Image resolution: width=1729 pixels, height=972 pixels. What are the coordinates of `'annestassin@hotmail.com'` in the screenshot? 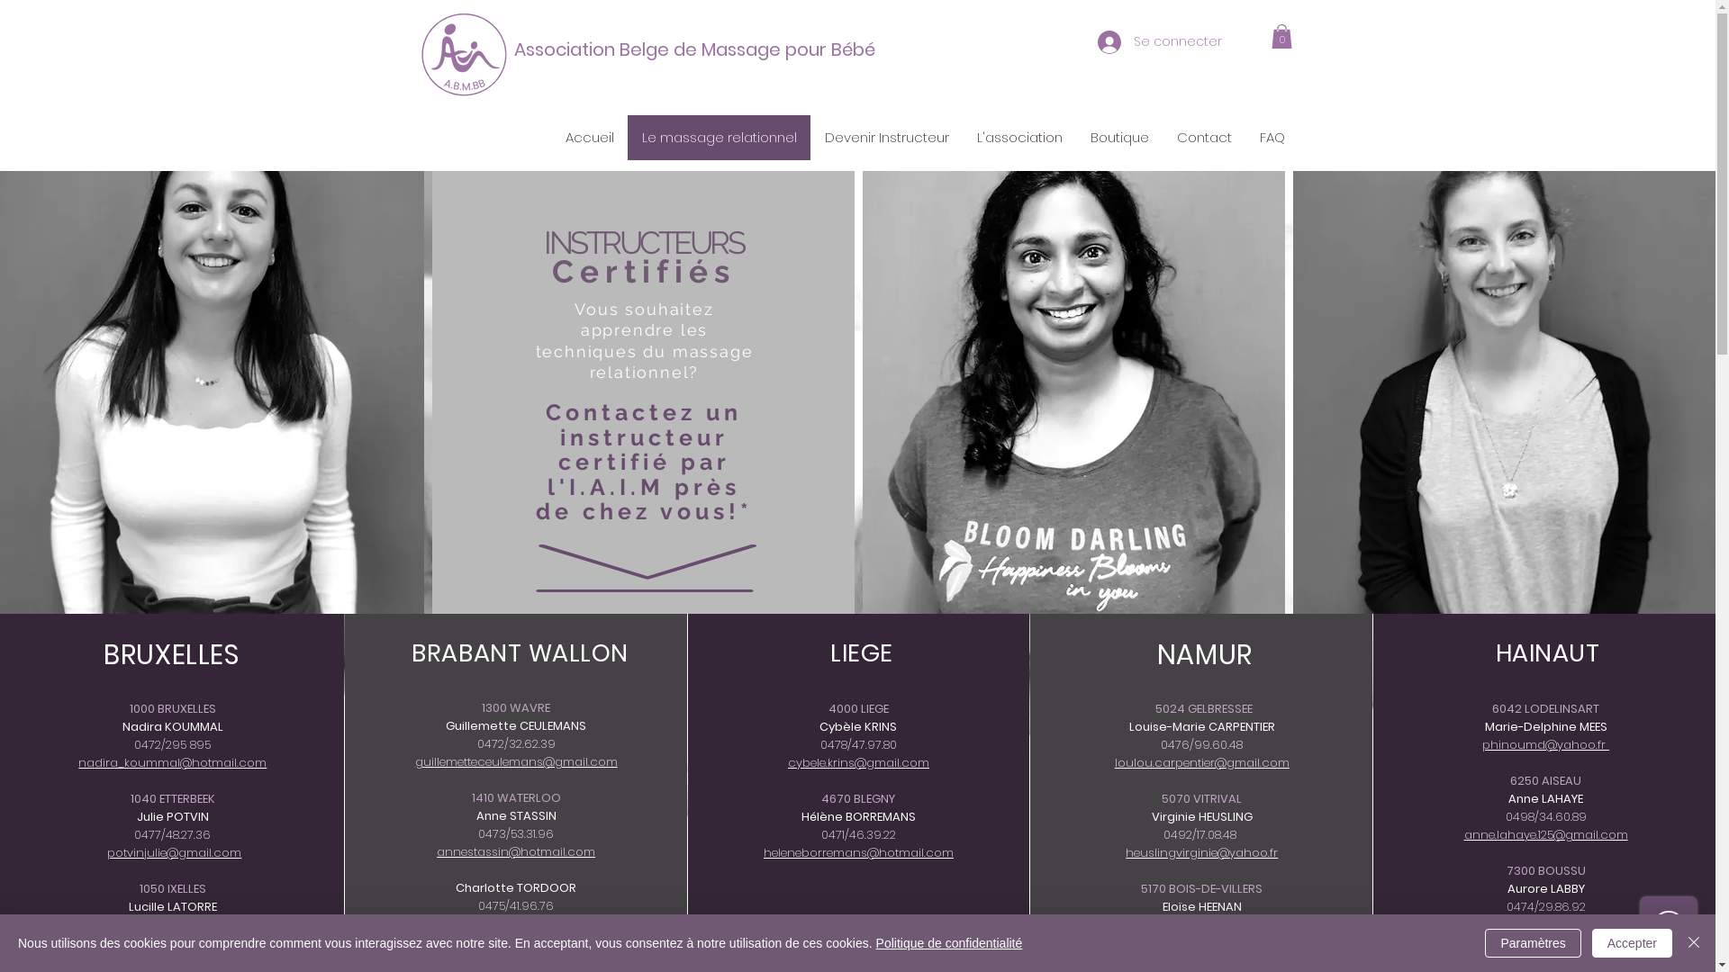 It's located at (514, 850).